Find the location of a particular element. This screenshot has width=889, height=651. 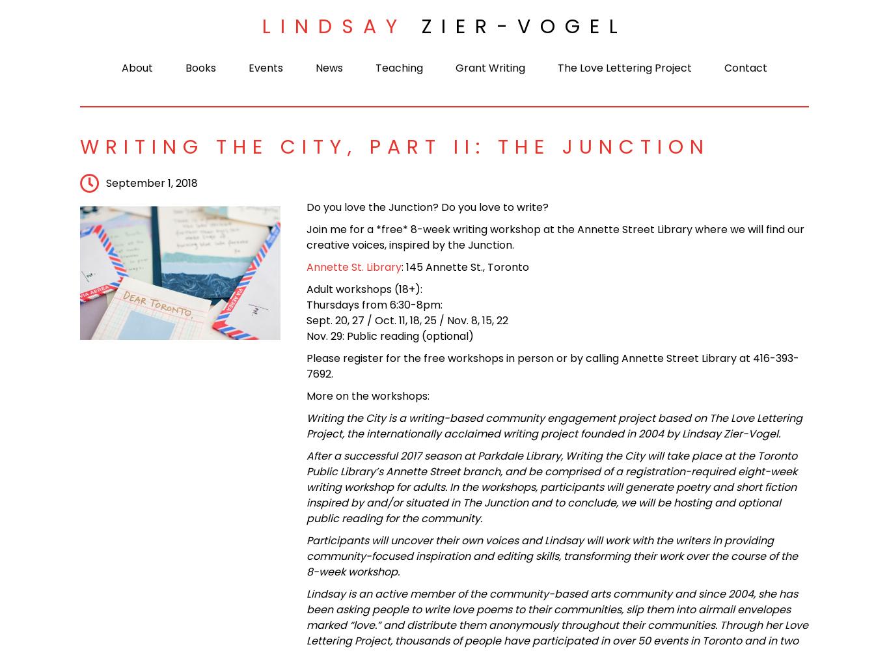

'Writing the City, Part II: The Junction' is located at coordinates (79, 146).